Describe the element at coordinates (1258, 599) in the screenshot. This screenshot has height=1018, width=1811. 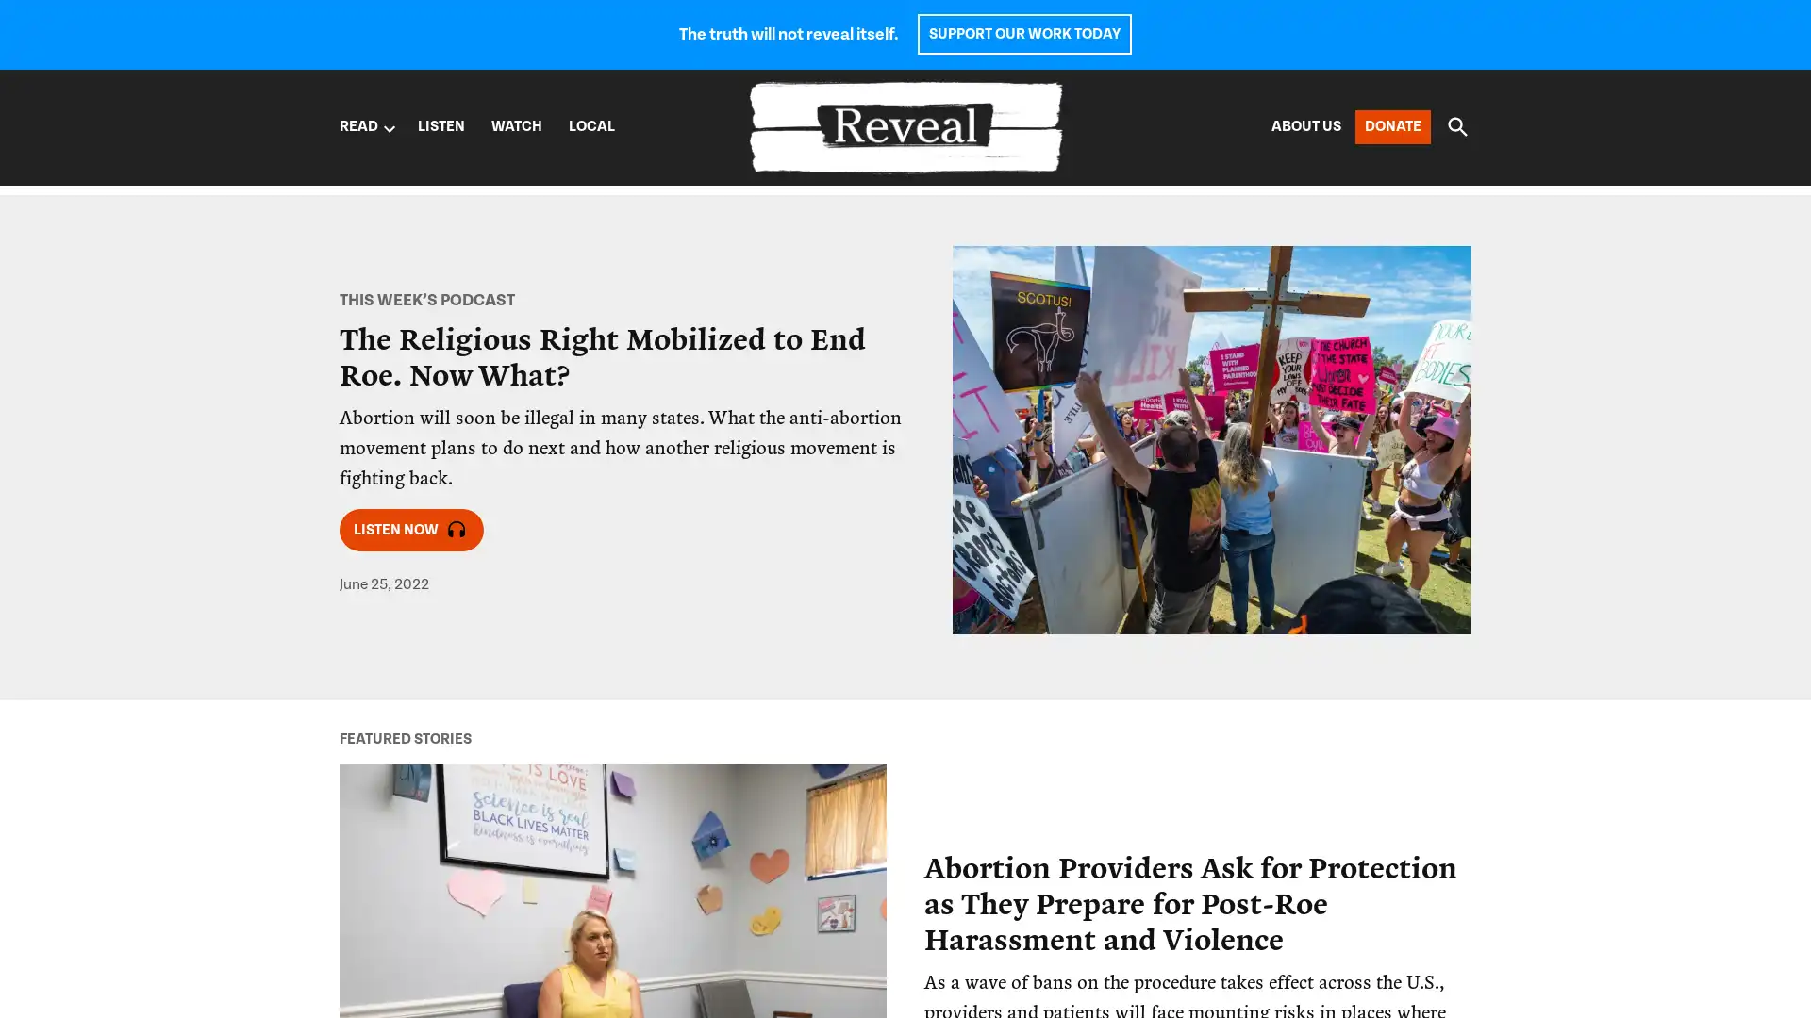
I see `Close Pop-up` at that location.